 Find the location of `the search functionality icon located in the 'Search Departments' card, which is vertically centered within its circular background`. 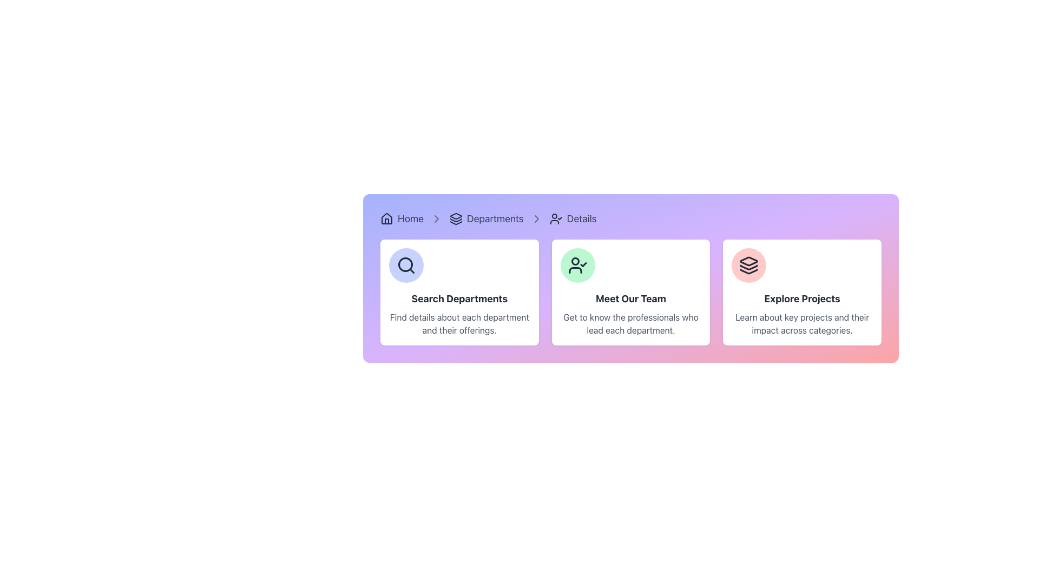

the search functionality icon located in the 'Search Departments' card, which is vertically centered within its circular background is located at coordinates (405, 265).